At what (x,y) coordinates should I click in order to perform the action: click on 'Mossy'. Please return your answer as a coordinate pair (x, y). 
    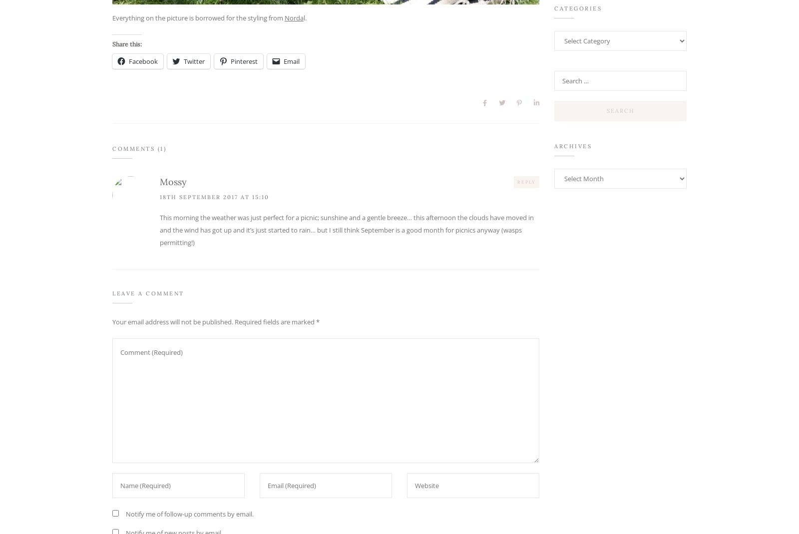
    Looking at the image, I should click on (160, 181).